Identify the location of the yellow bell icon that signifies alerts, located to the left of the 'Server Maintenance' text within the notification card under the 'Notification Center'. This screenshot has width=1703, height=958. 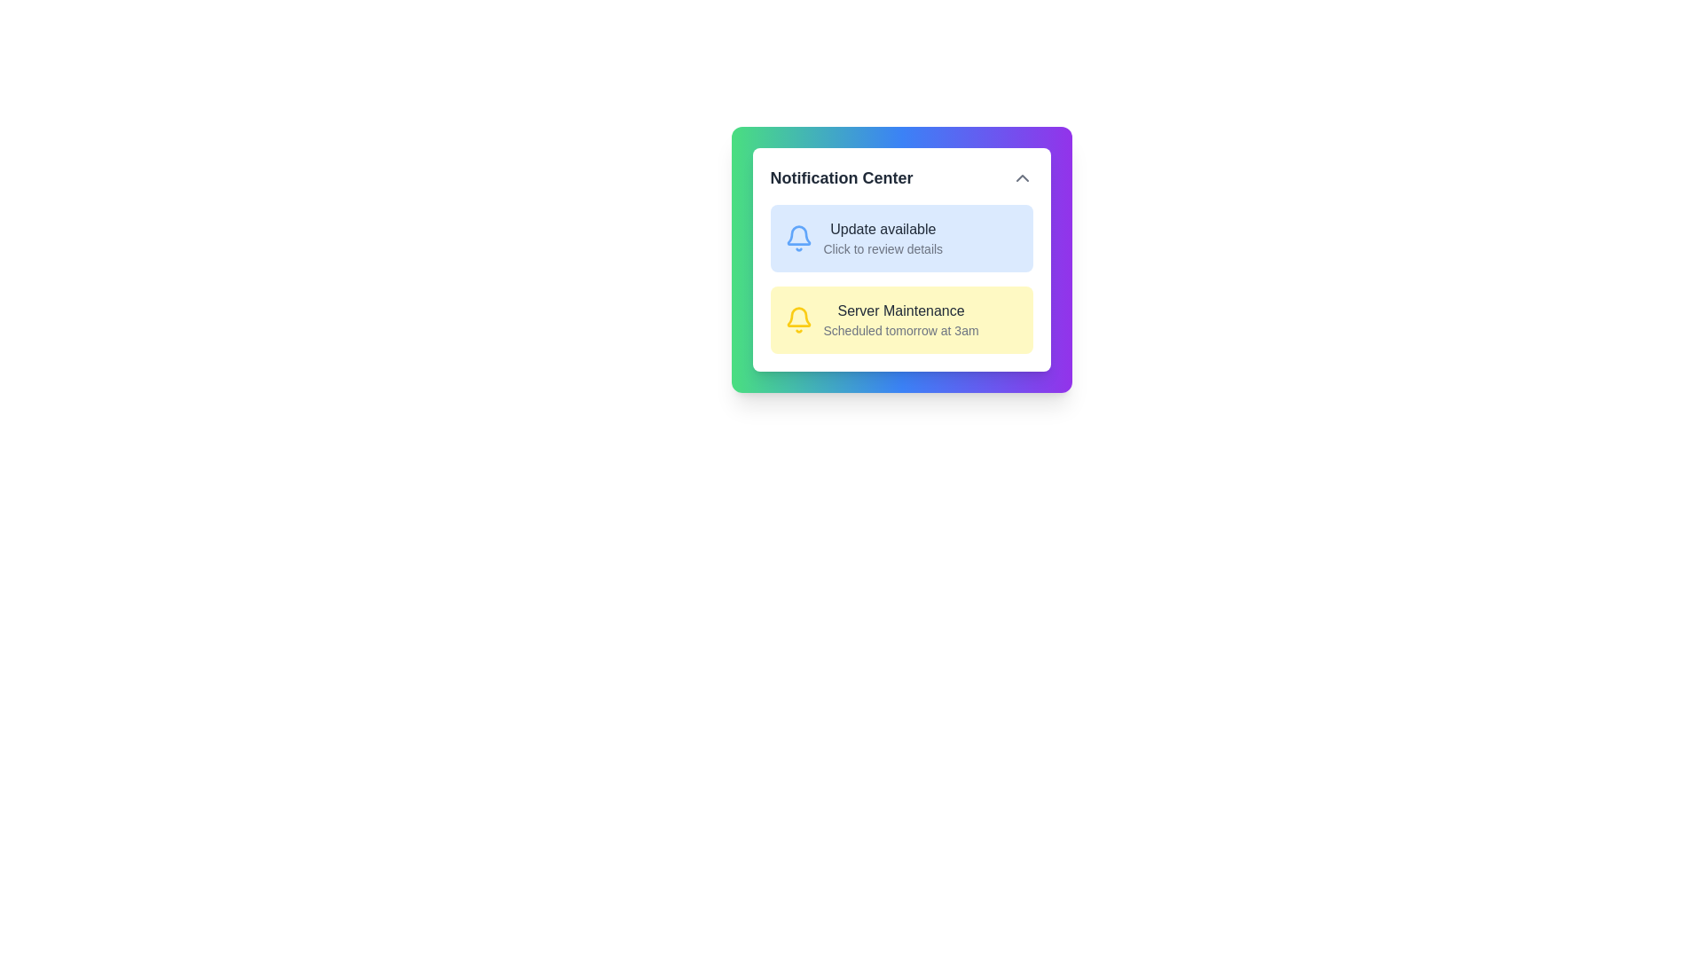
(797, 320).